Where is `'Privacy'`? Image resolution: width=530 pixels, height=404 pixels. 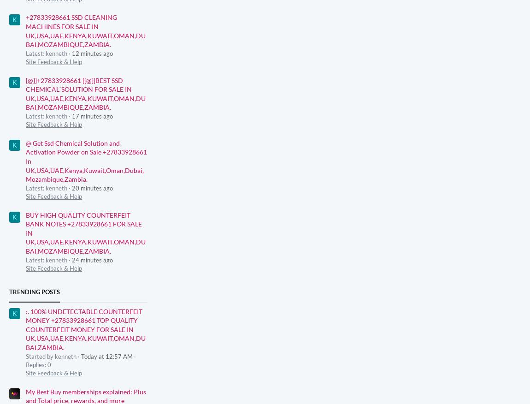 'Privacy' is located at coordinates (288, 392).